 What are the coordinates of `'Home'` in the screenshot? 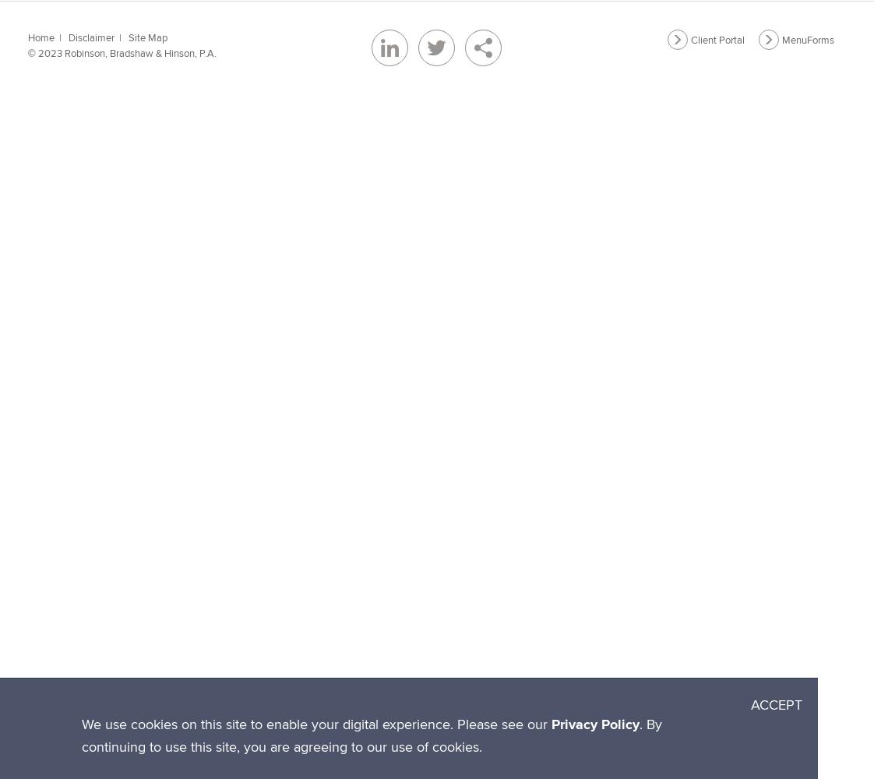 It's located at (40, 37).